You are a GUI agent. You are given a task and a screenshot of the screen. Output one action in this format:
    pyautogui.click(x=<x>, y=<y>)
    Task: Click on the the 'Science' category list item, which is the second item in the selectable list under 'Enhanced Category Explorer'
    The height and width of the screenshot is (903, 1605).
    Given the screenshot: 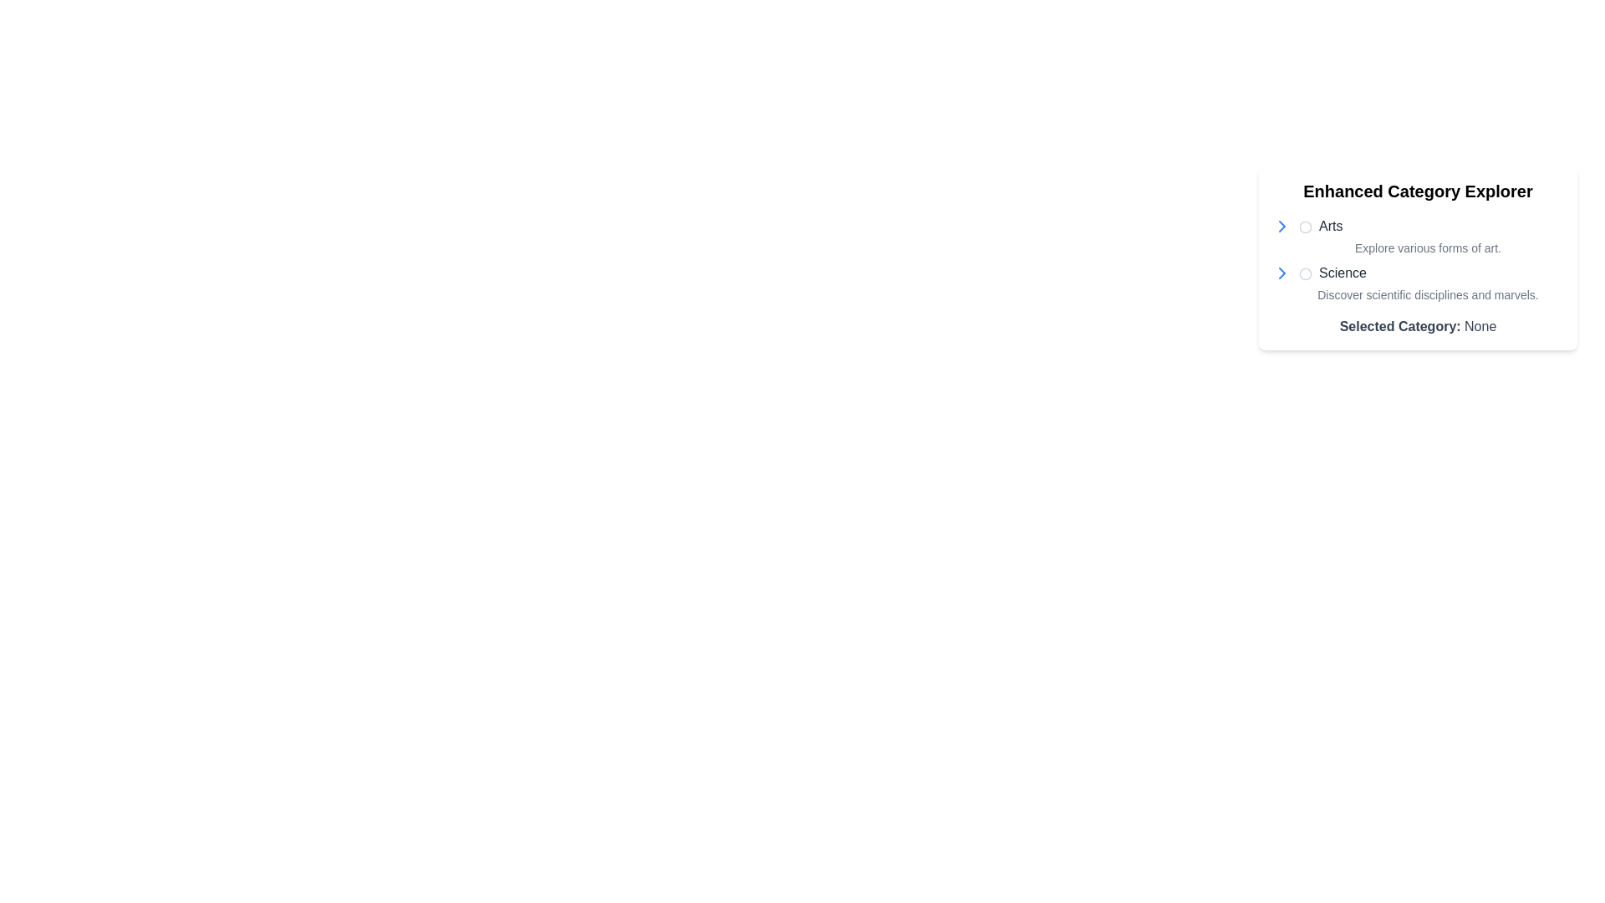 What is the action you would take?
    pyautogui.click(x=1417, y=283)
    